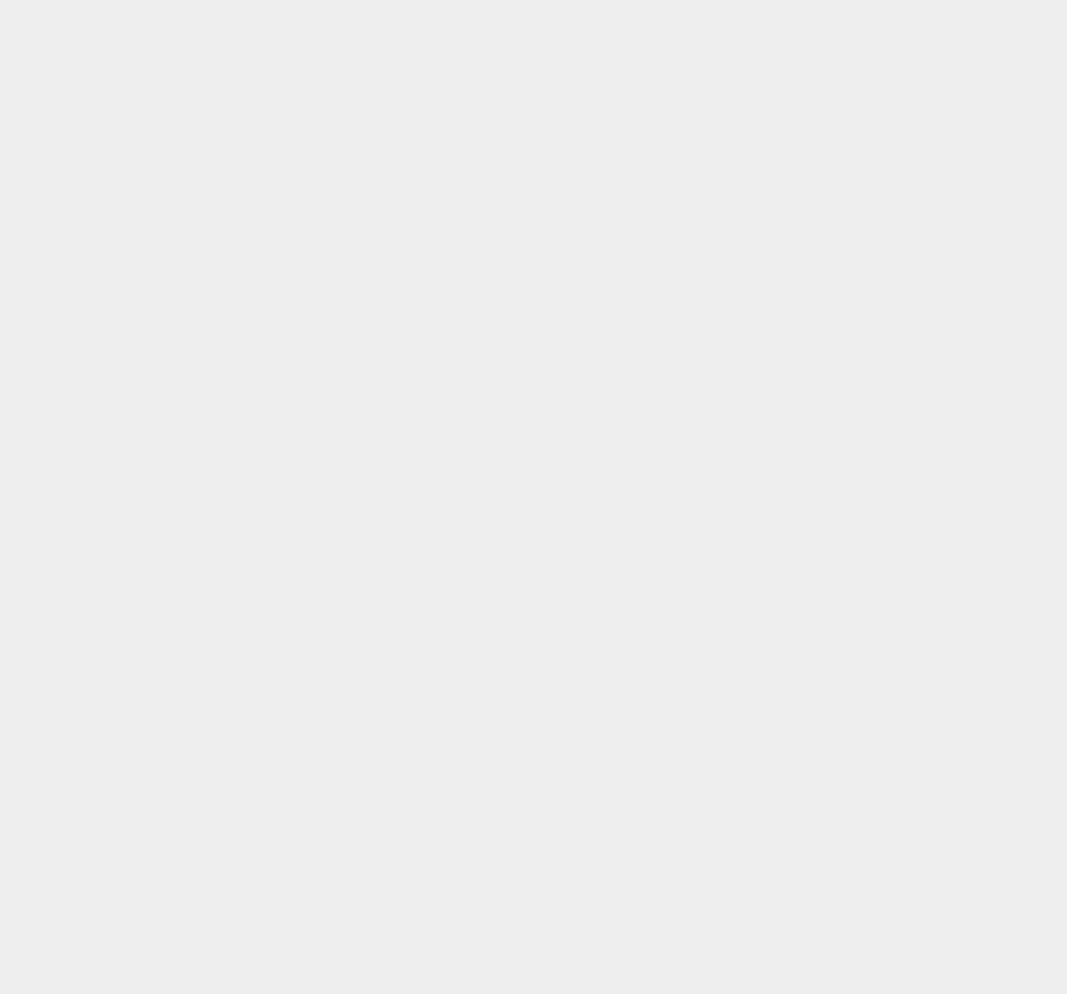  What do you see at coordinates (771, 916) in the screenshot?
I see `'iOS 13'` at bounding box center [771, 916].